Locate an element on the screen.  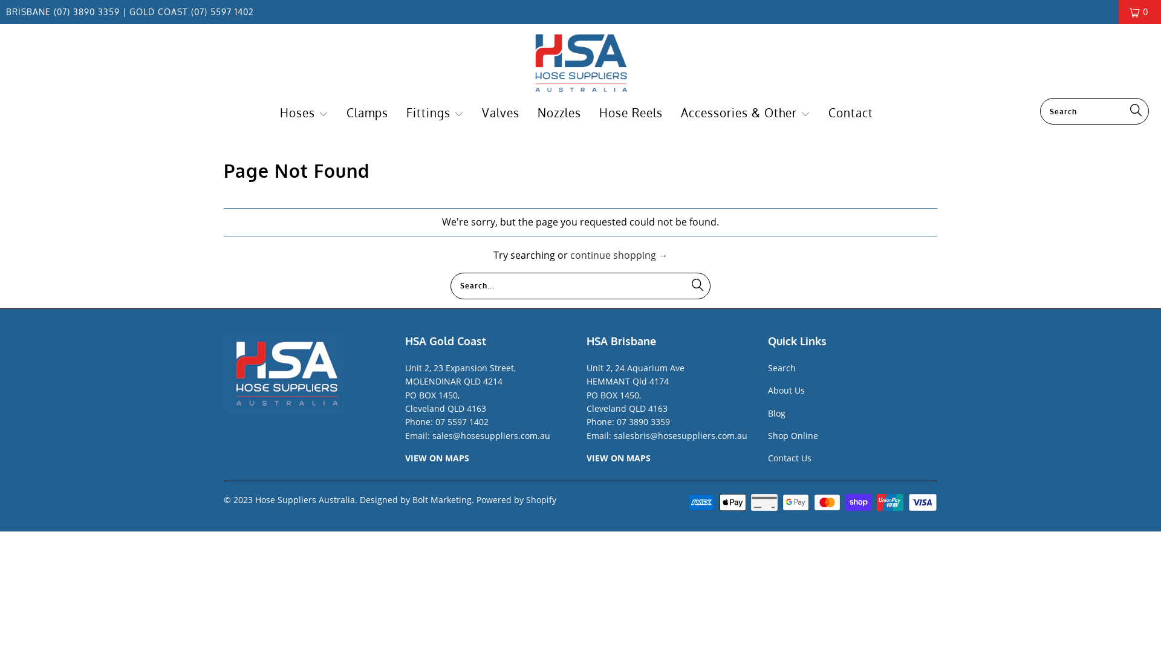
'07 3890 3359' is located at coordinates (643, 421).